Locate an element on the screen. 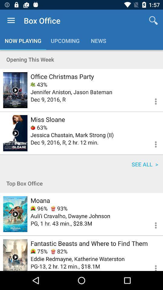 The image size is (163, 290). icon above auli i cravalho is located at coordinates (39, 208).